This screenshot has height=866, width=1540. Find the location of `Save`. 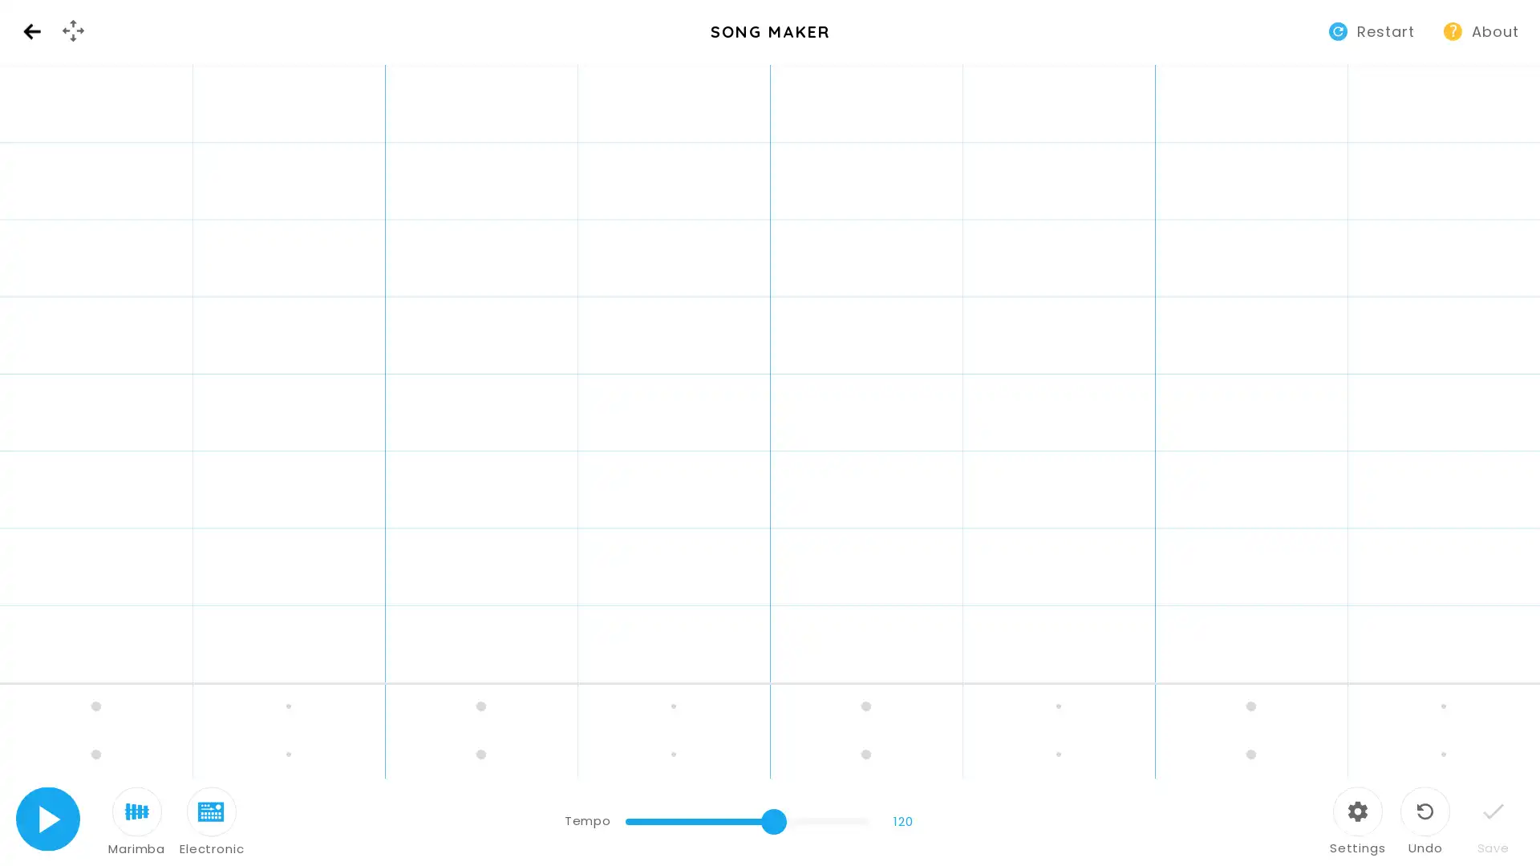

Save is located at coordinates (1492, 822).